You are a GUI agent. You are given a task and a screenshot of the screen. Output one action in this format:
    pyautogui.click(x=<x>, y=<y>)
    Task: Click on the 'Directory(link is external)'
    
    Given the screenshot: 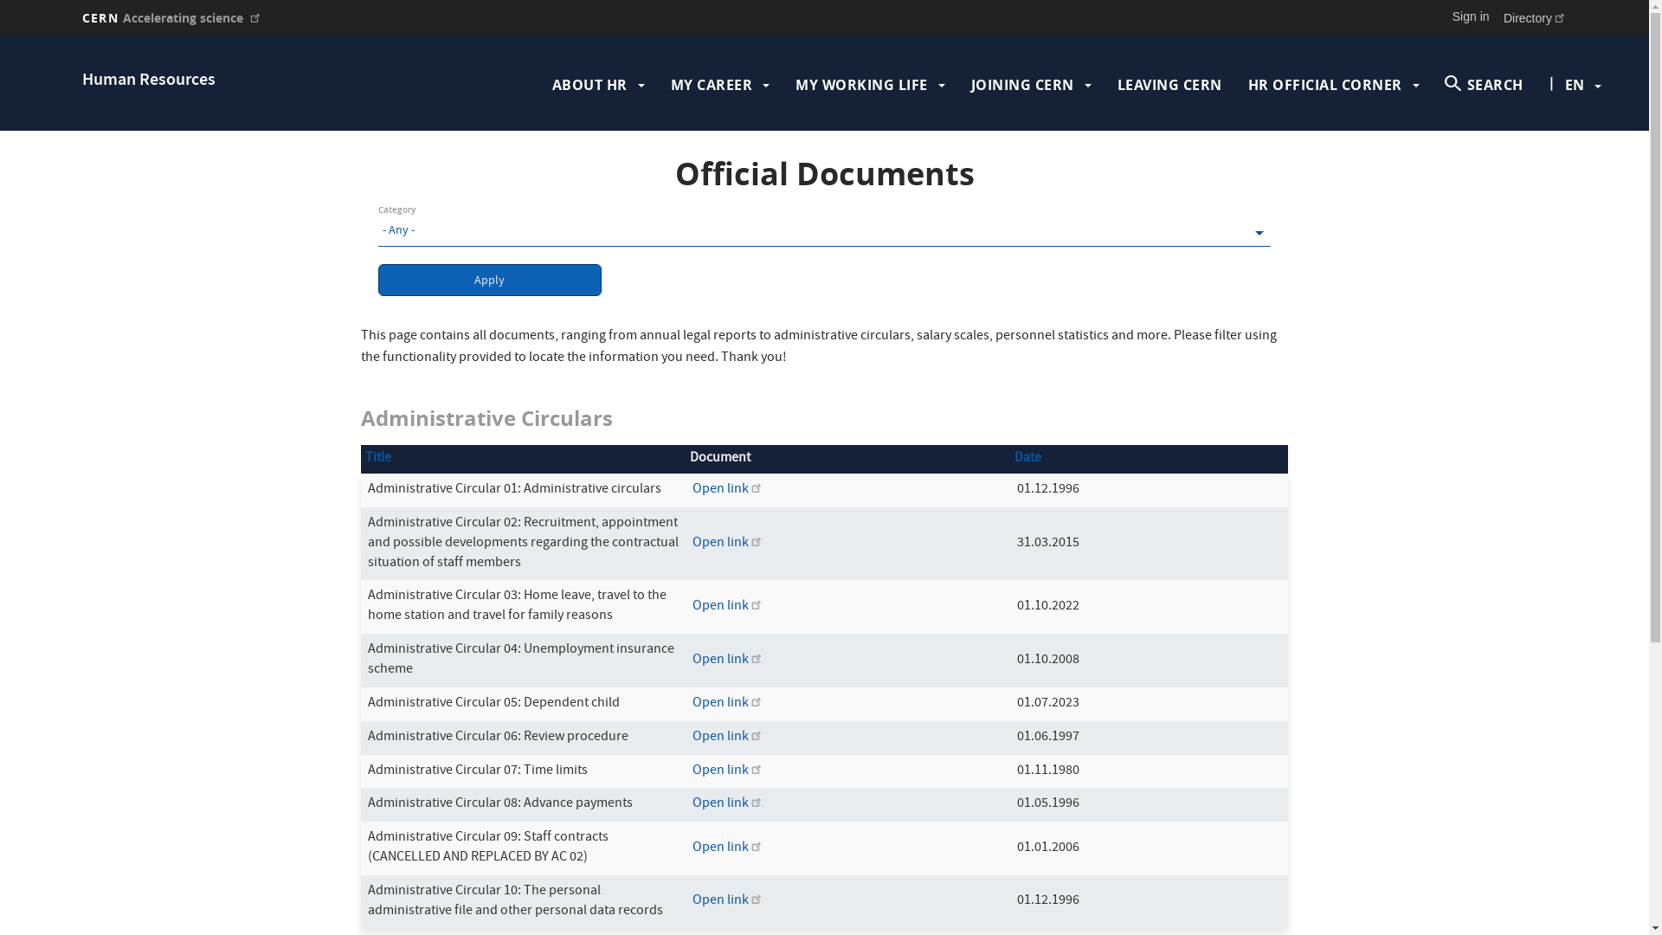 What is the action you would take?
    pyautogui.click(x=1535, y=16)
    